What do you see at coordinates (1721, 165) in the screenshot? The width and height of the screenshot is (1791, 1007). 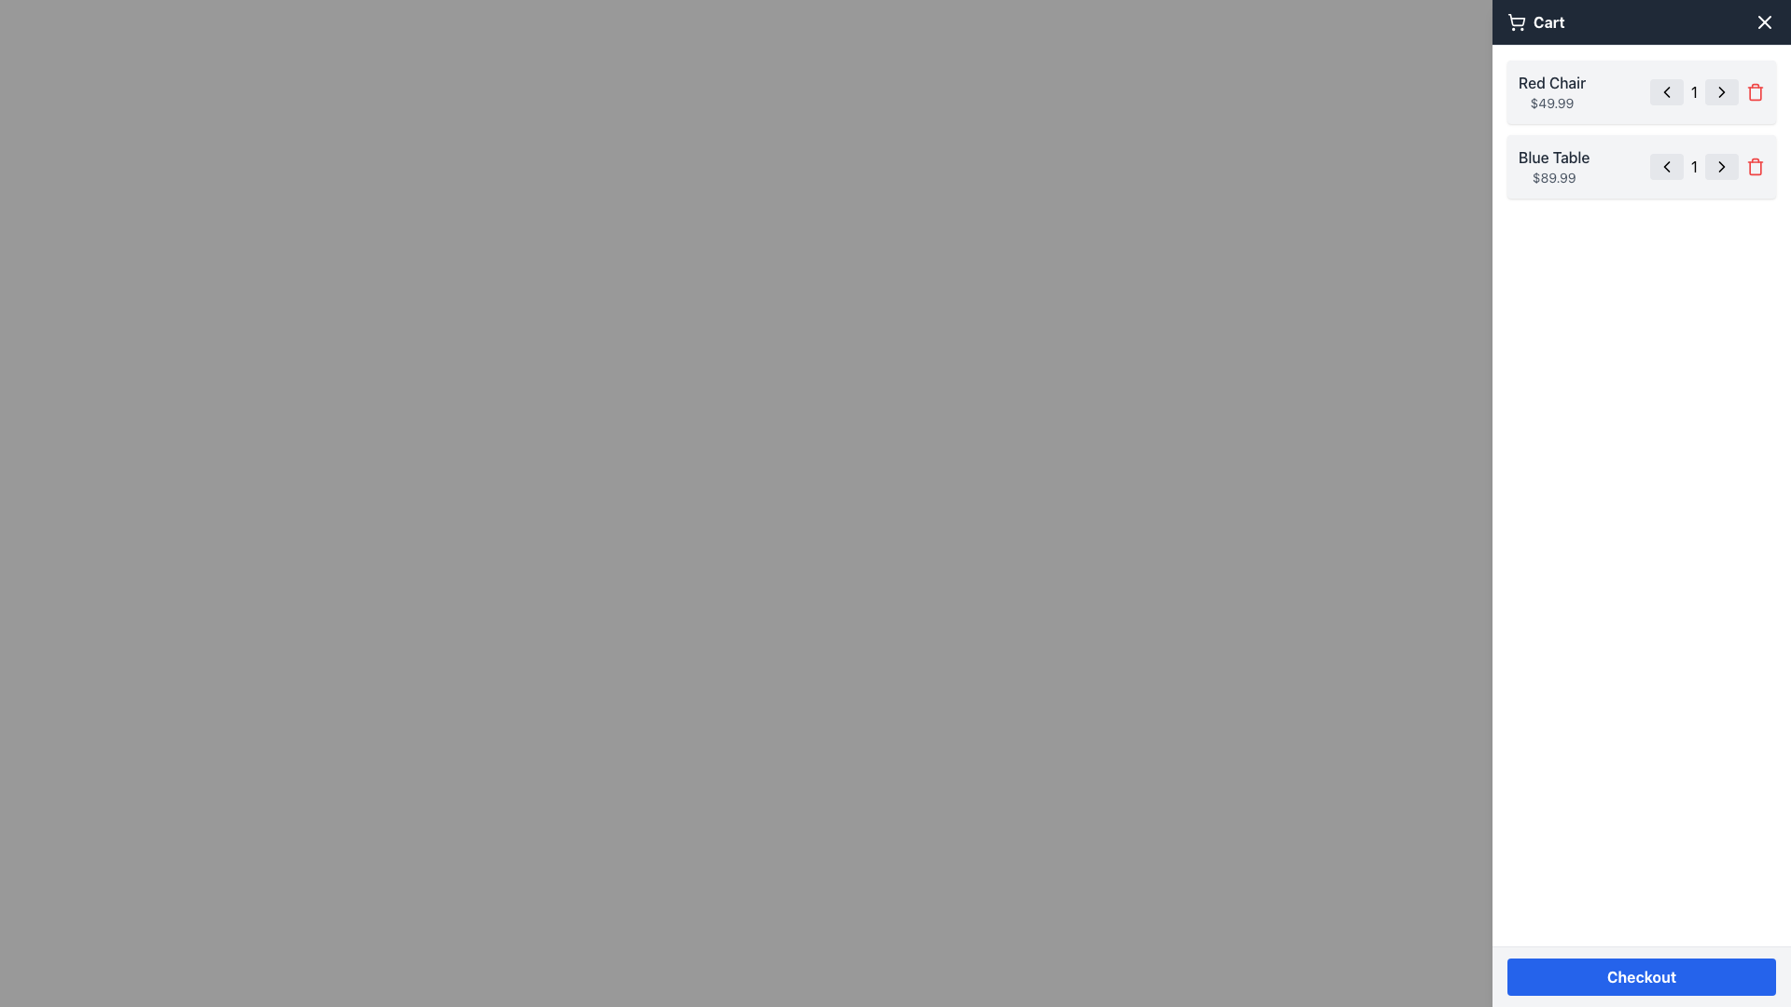 I see `the rightmost icon button in the controls of the 'Blue Table' item in the cart` at bounding box center [1721, 165].